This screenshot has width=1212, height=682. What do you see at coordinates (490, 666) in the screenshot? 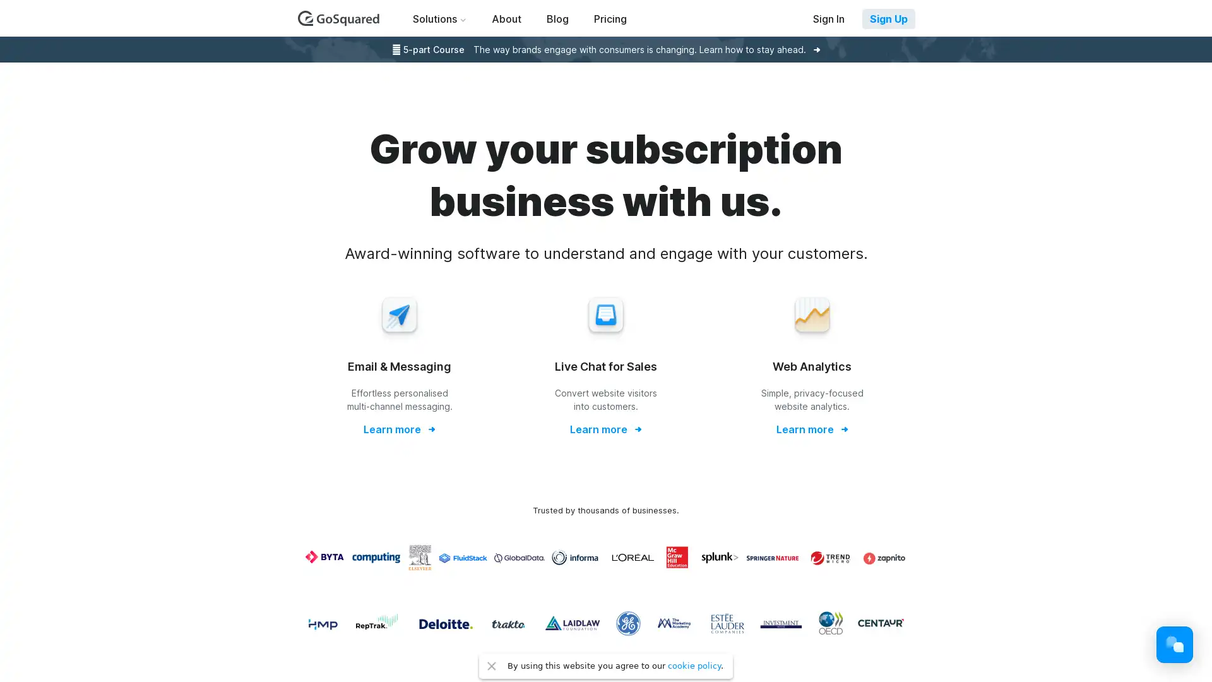
I see `Close` at bounding box center [490, 666].